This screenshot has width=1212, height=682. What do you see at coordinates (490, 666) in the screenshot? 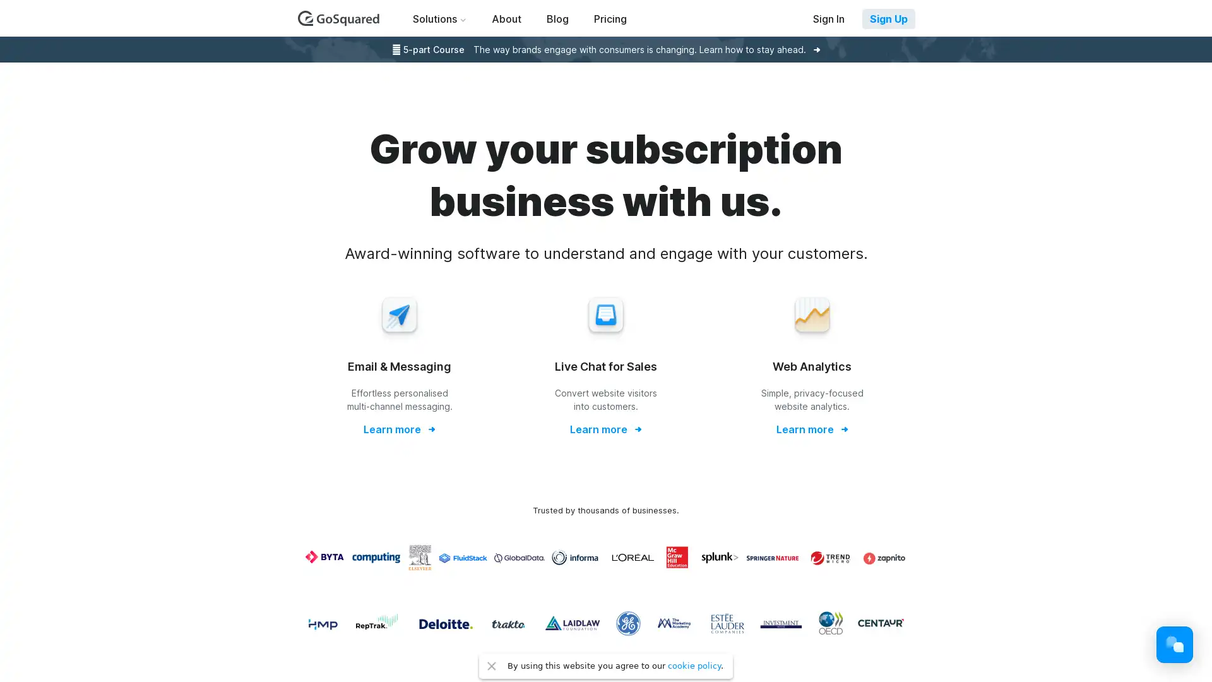
I see `Close` at bounding box center [490, 666].